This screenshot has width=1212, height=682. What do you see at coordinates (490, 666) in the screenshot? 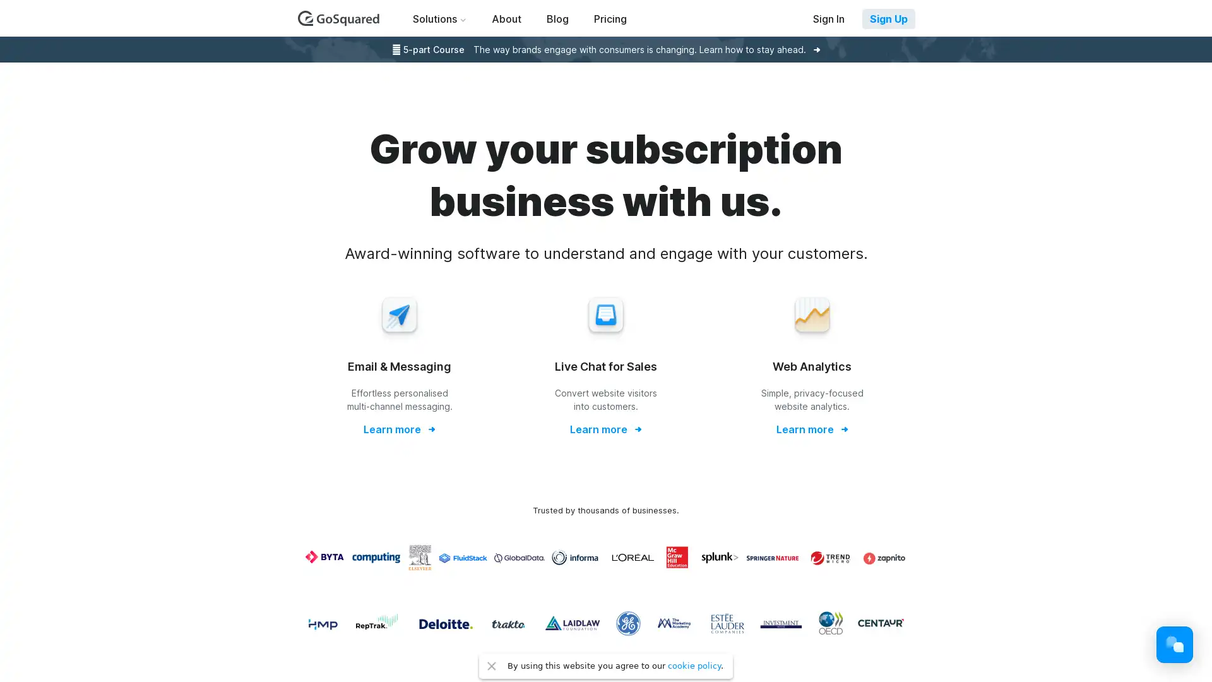
I see `Close` at bounding box center [490, 666].